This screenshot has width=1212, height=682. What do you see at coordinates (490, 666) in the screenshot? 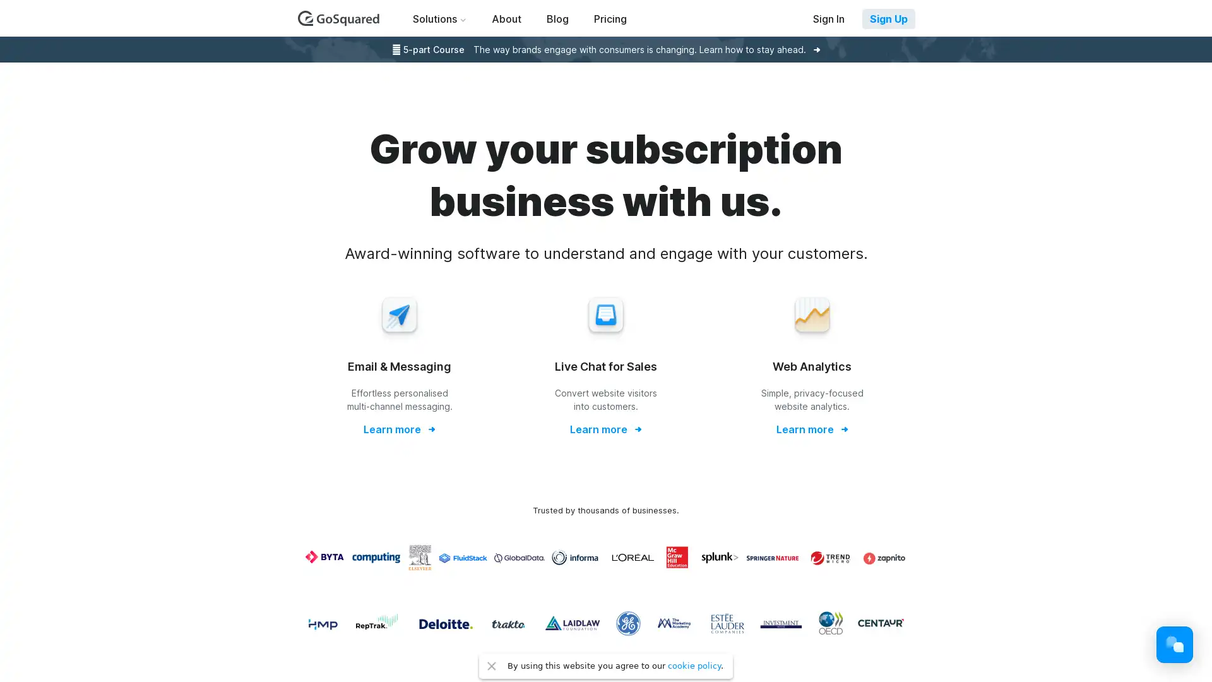
I see `Close` at bounding box center [490, 666].